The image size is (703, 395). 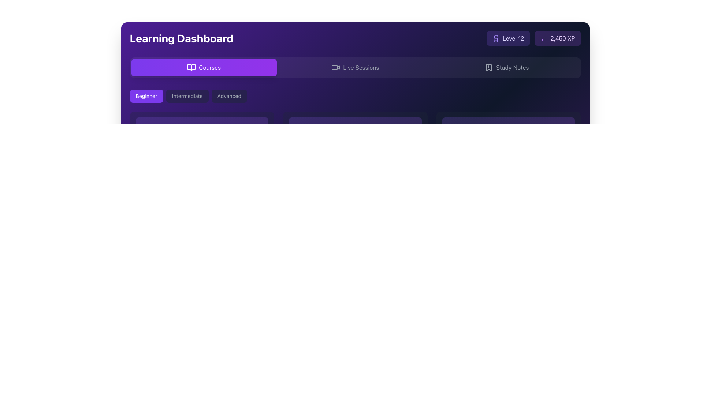 I want to click on the 'Study Notes' button, which is the third item in a horizontally arranged group of options (Courses, Live Sessions, and Study Notes), so click(x=506, y=68).